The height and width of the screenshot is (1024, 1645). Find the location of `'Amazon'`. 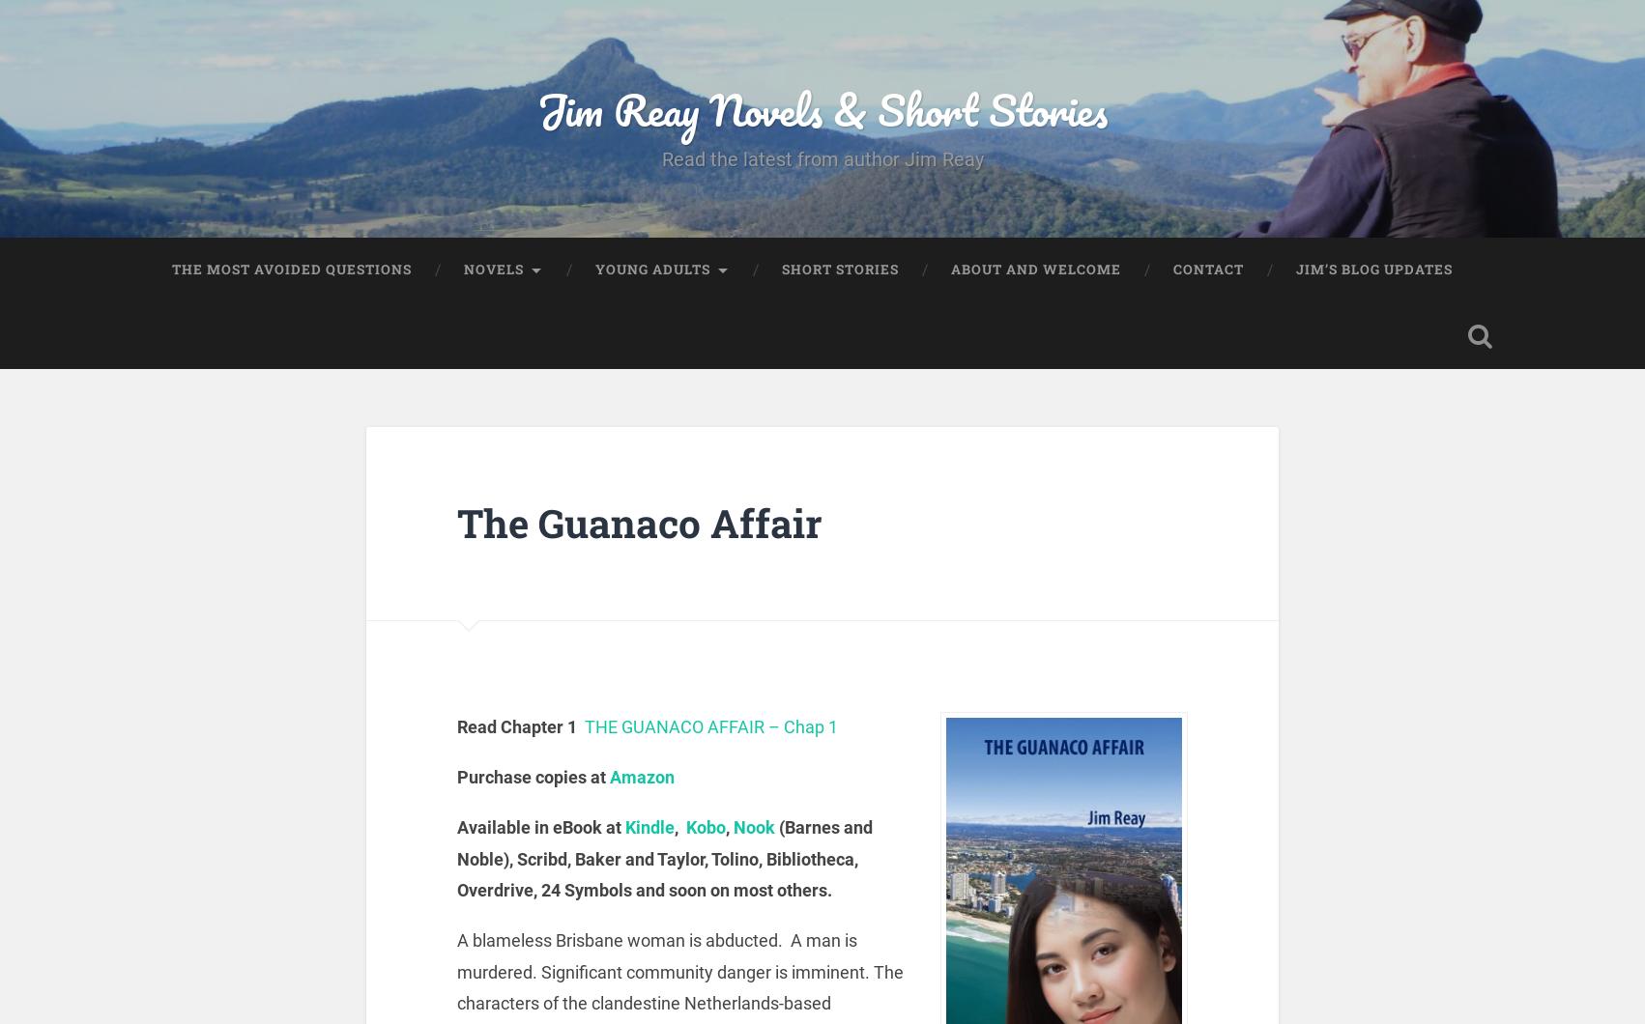

'Amazon' is located at coordinates (642, 777).